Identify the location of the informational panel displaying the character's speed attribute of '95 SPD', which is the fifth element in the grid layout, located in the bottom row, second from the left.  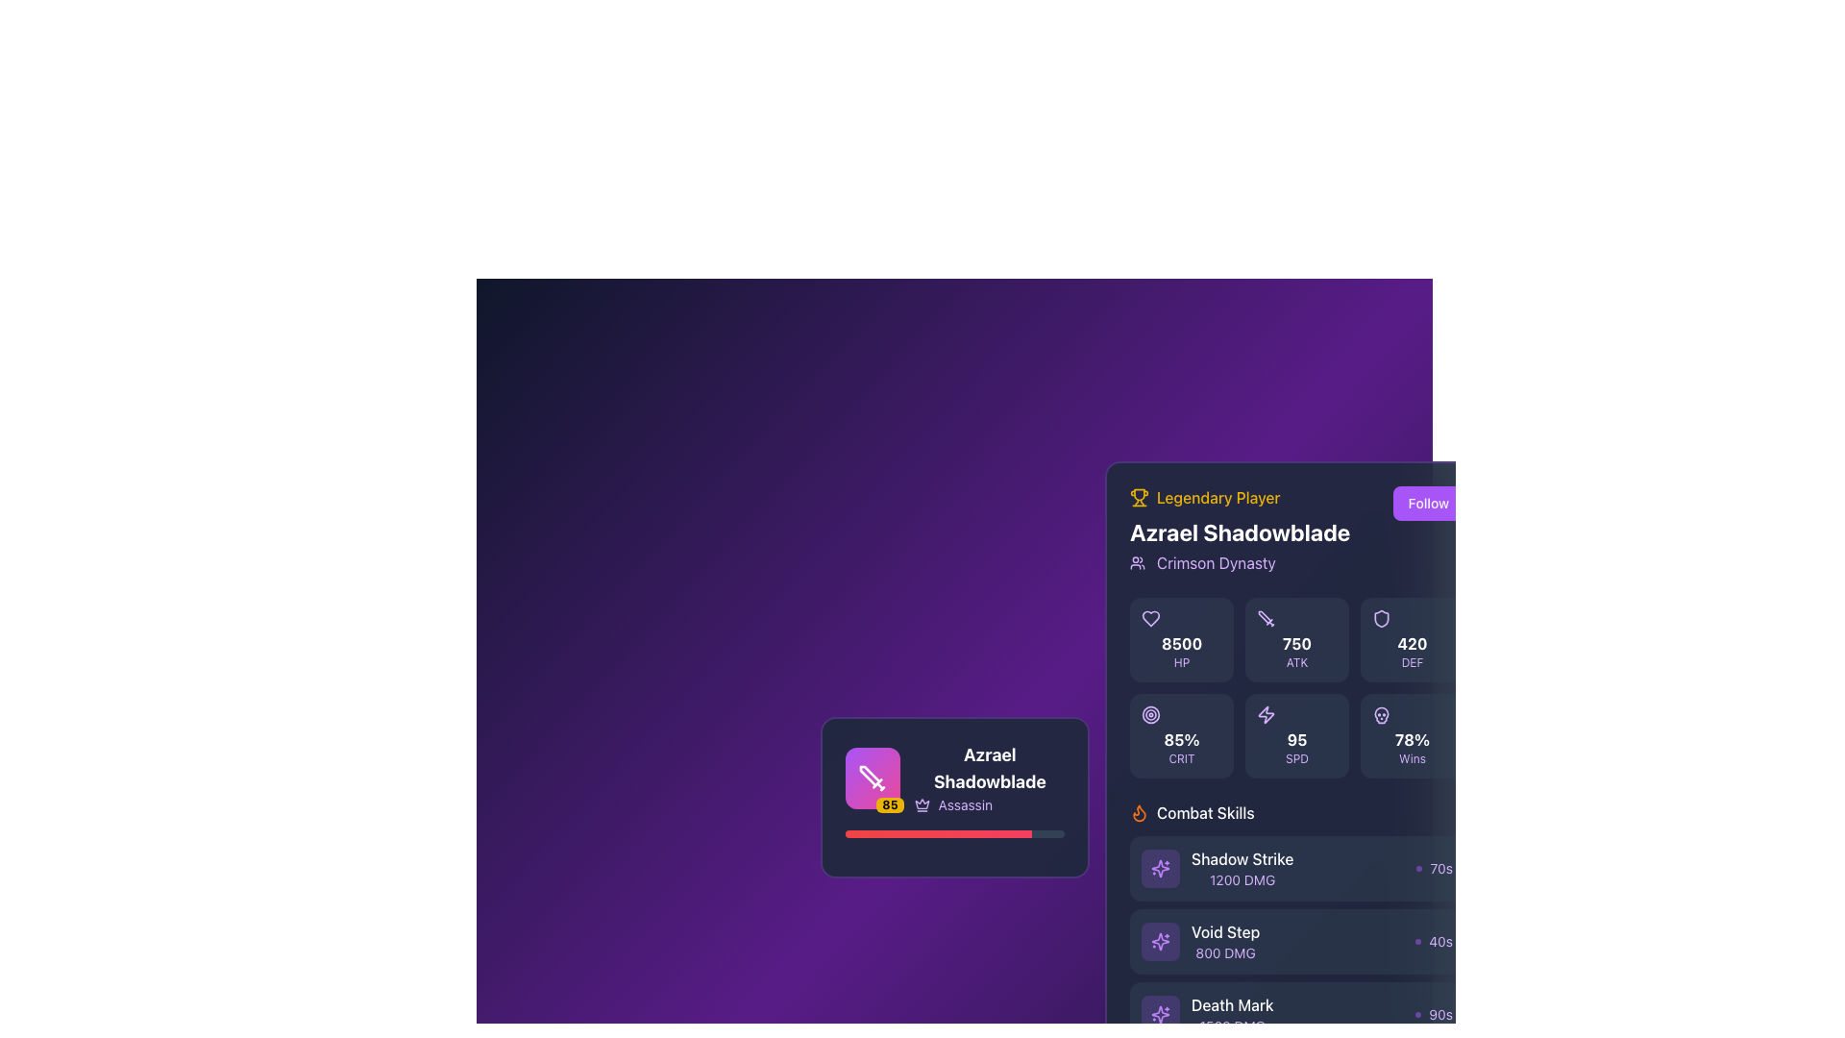
(1296, 735).